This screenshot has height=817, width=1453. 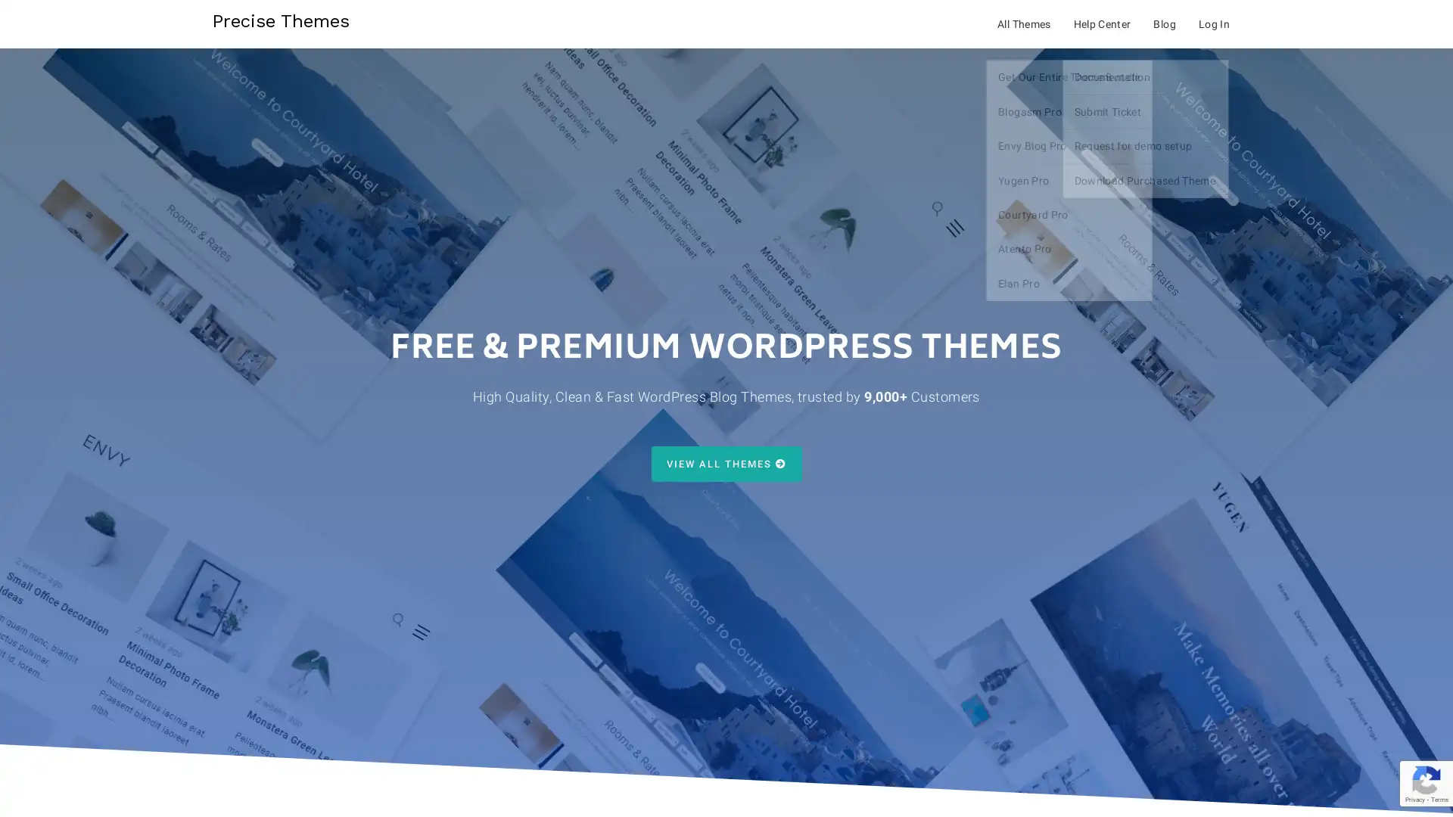 I want to click on VIEW ALL THEMES, so click(x=725, y=463).